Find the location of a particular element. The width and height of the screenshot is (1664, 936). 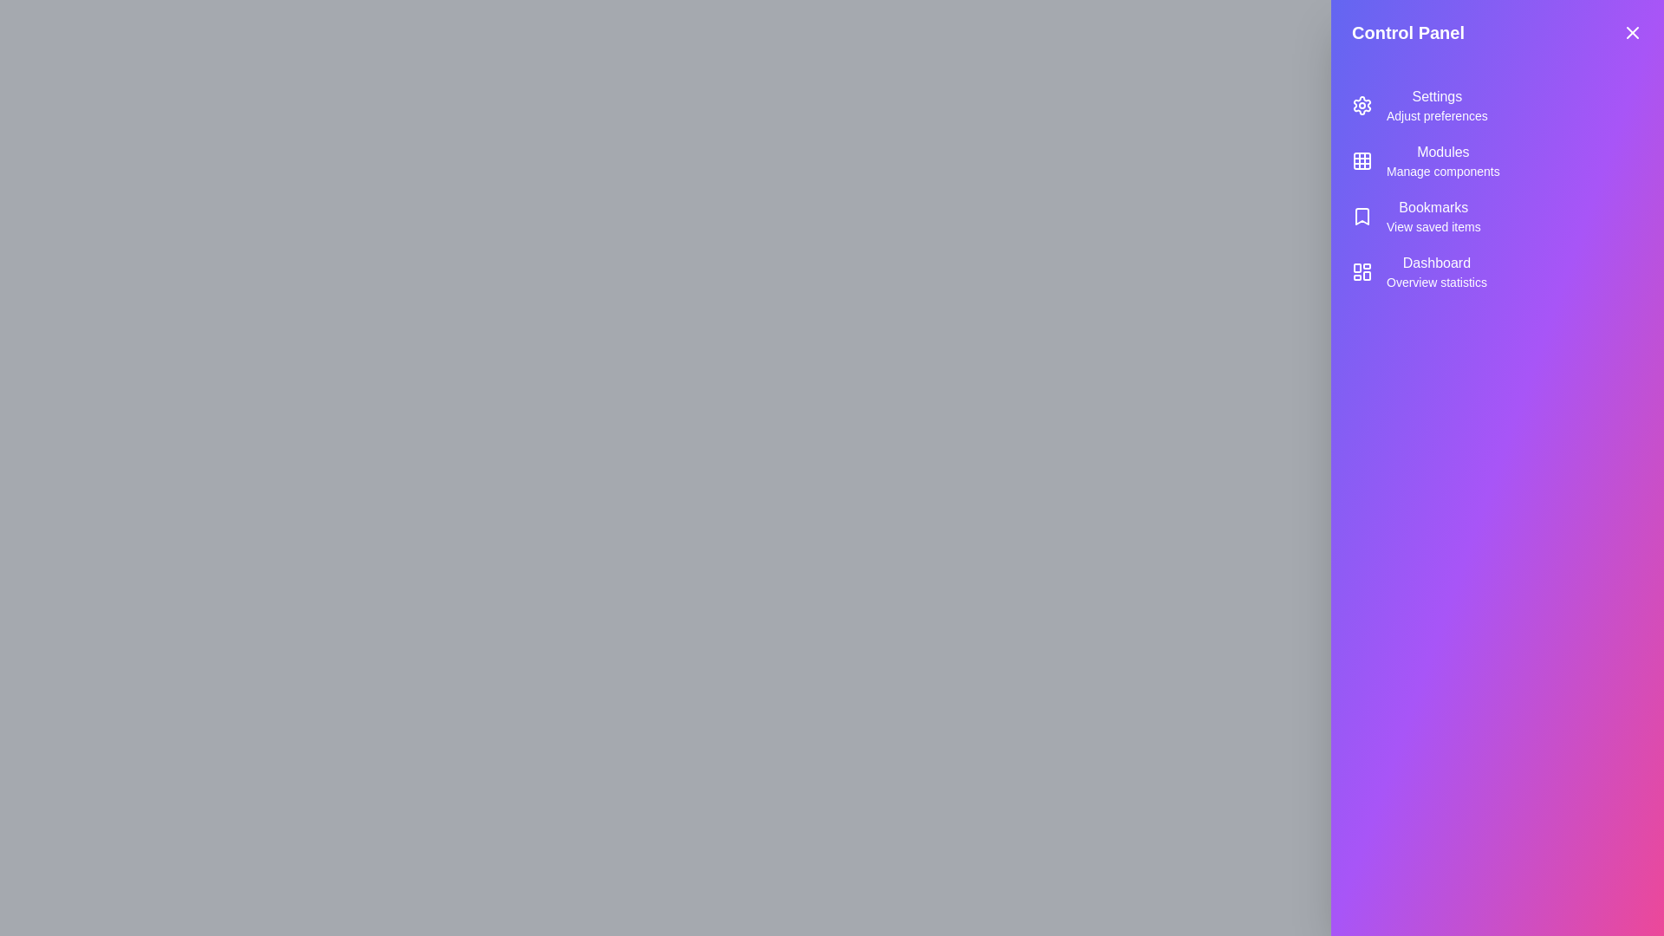

the visual state of the 'Bookmarks' icon located in the side menu, which directs users to the bookmarks or saved items area is located at coordinates (1361, 216).